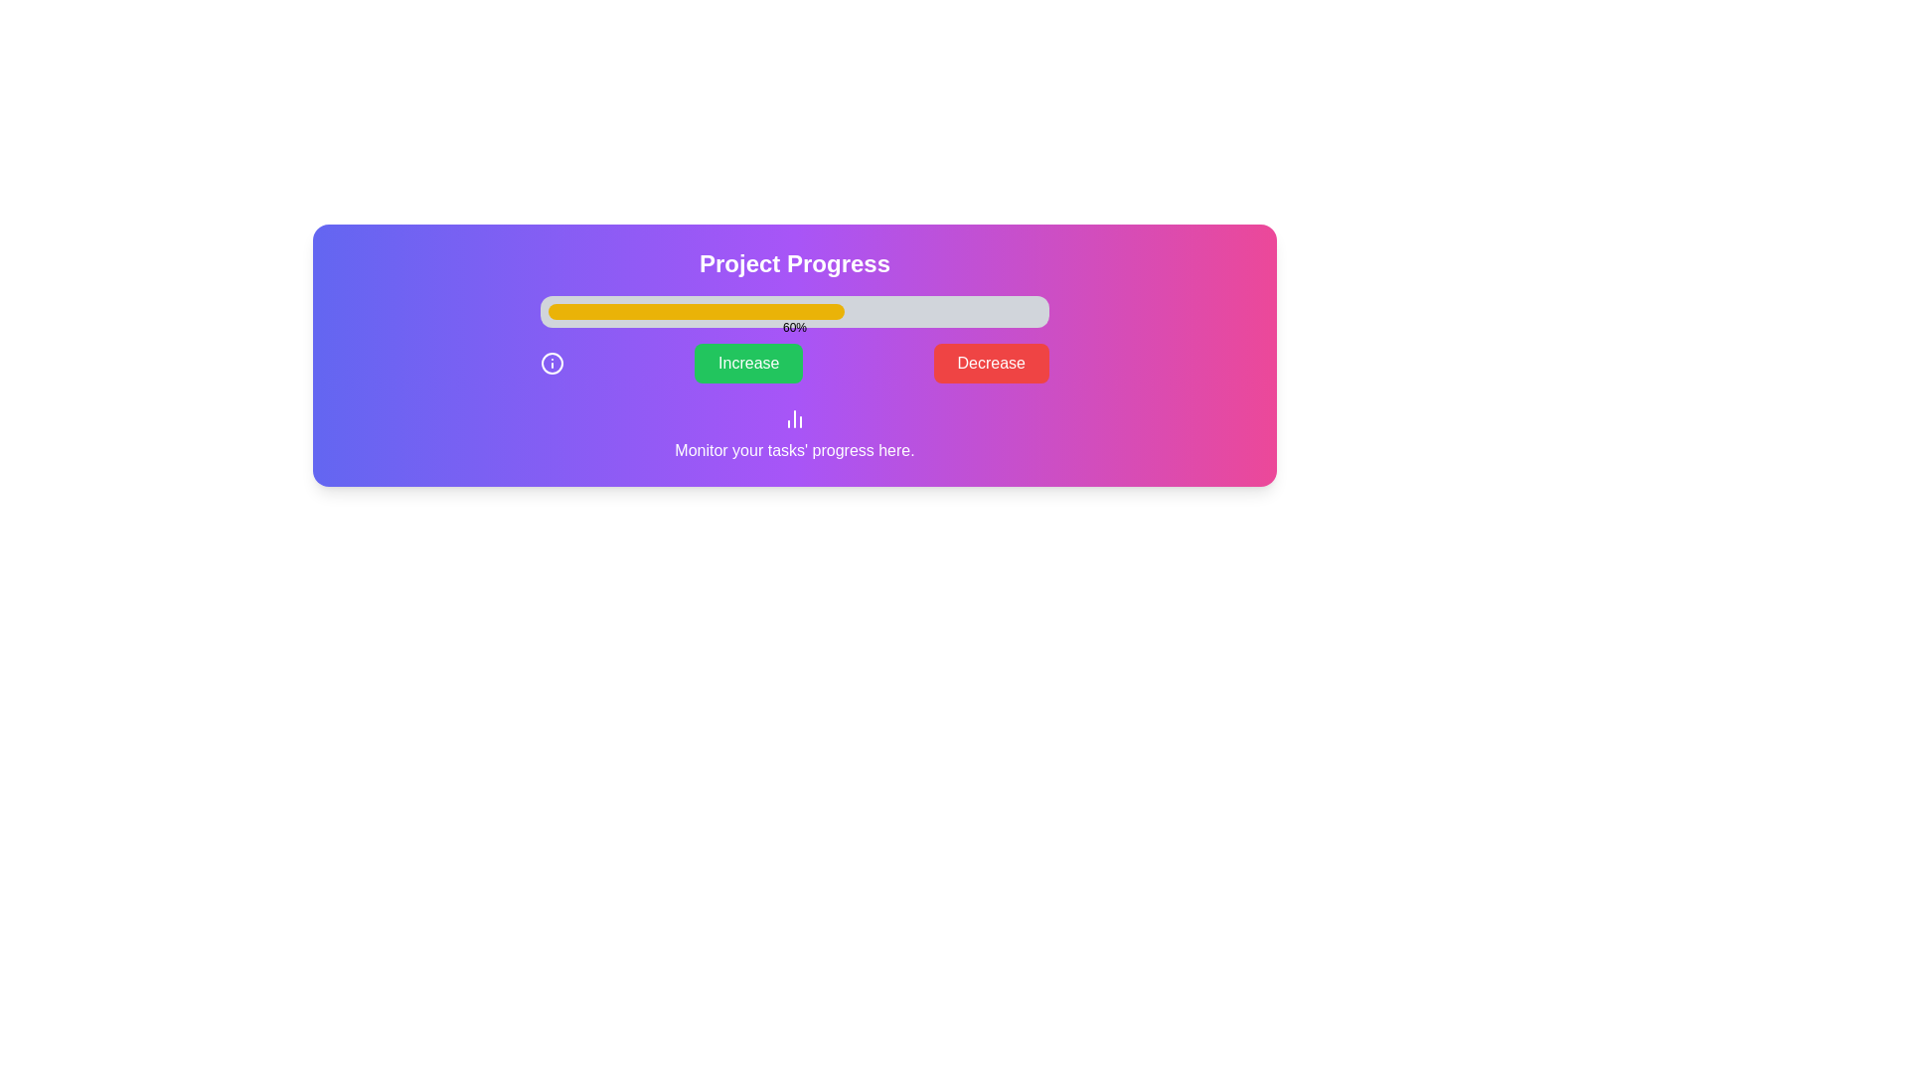 This screenshot has height=1073, width=1908. I want to click on the 'Increase' button, which is a rectangular button with a green background and white text located centrally beneath a progress bar labeled '60%', so click(747, 364).